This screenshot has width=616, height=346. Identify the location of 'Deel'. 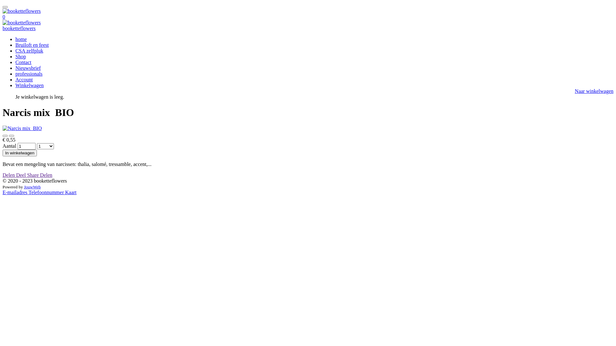
(21, 175).